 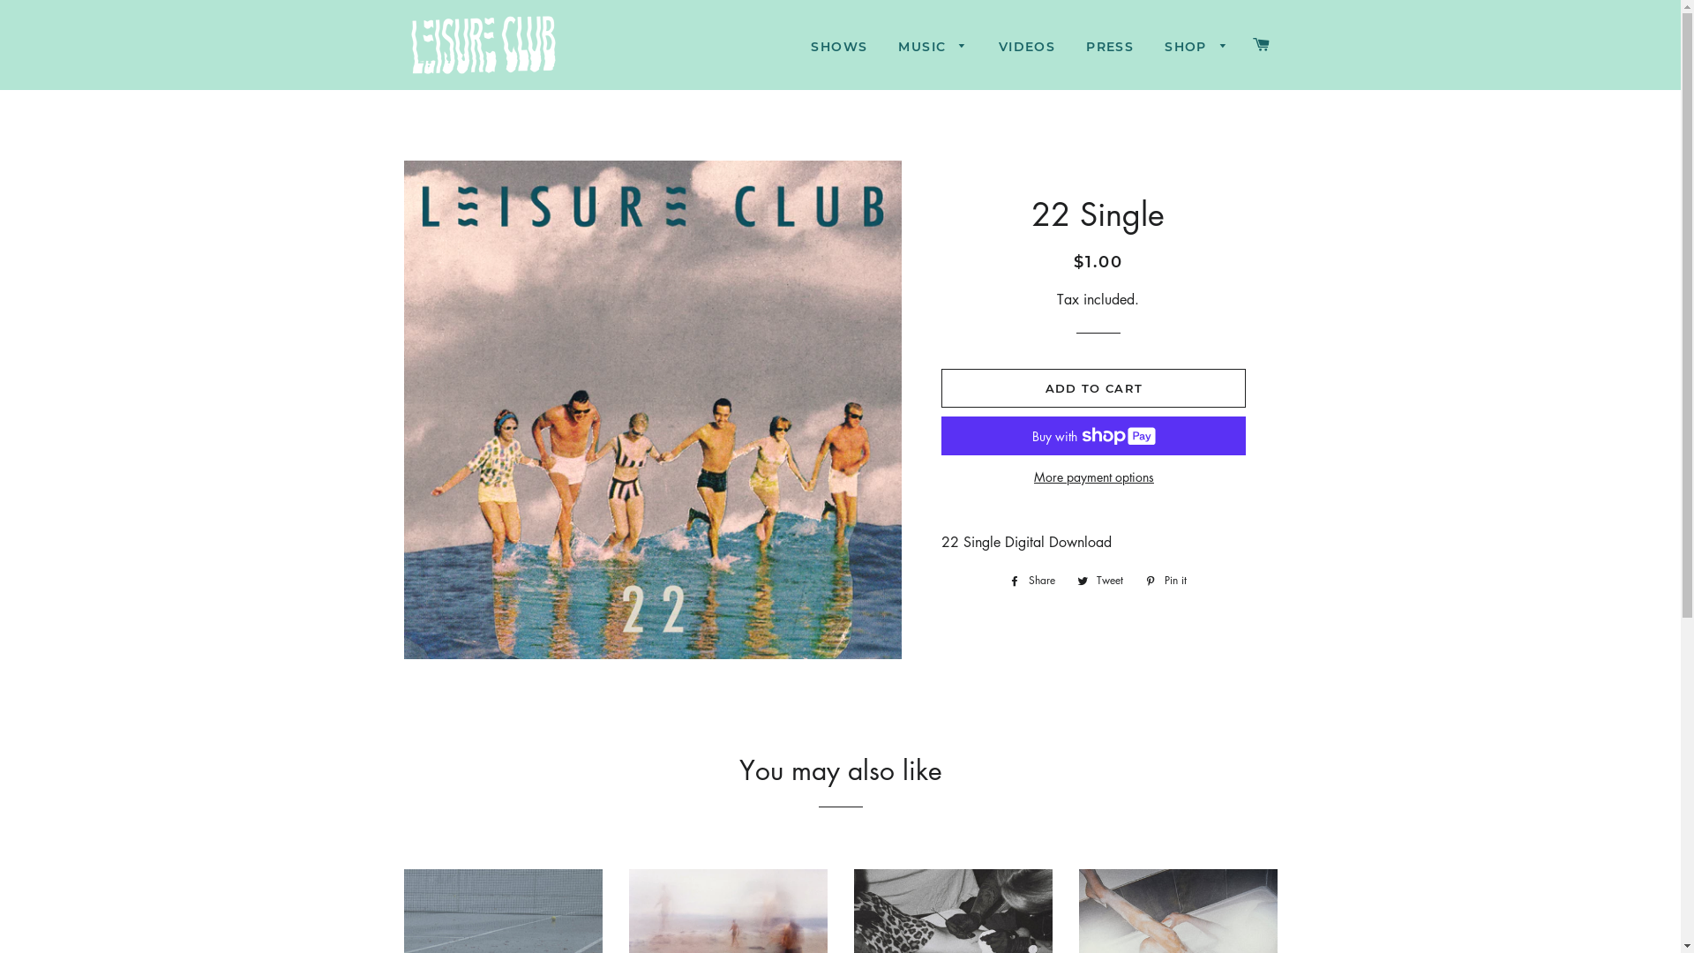 I want to click on 'ADD TO CART', so click(x=1092, y=386).